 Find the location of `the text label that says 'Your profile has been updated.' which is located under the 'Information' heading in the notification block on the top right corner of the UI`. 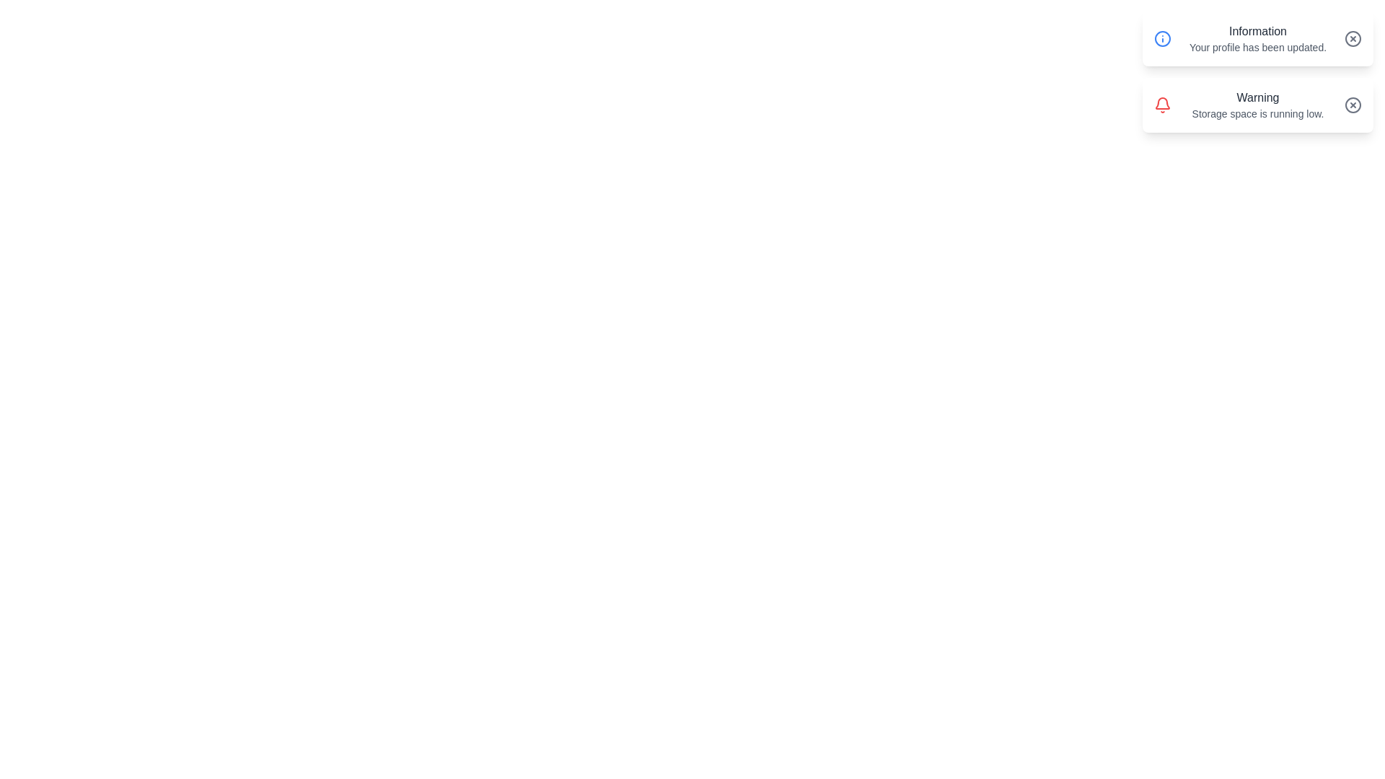

the text label that says 'Your profile has been updated.' which is located under the 'Information' heading in the notification block on the top right corner of the UI is located at coordinates (1257, 46).